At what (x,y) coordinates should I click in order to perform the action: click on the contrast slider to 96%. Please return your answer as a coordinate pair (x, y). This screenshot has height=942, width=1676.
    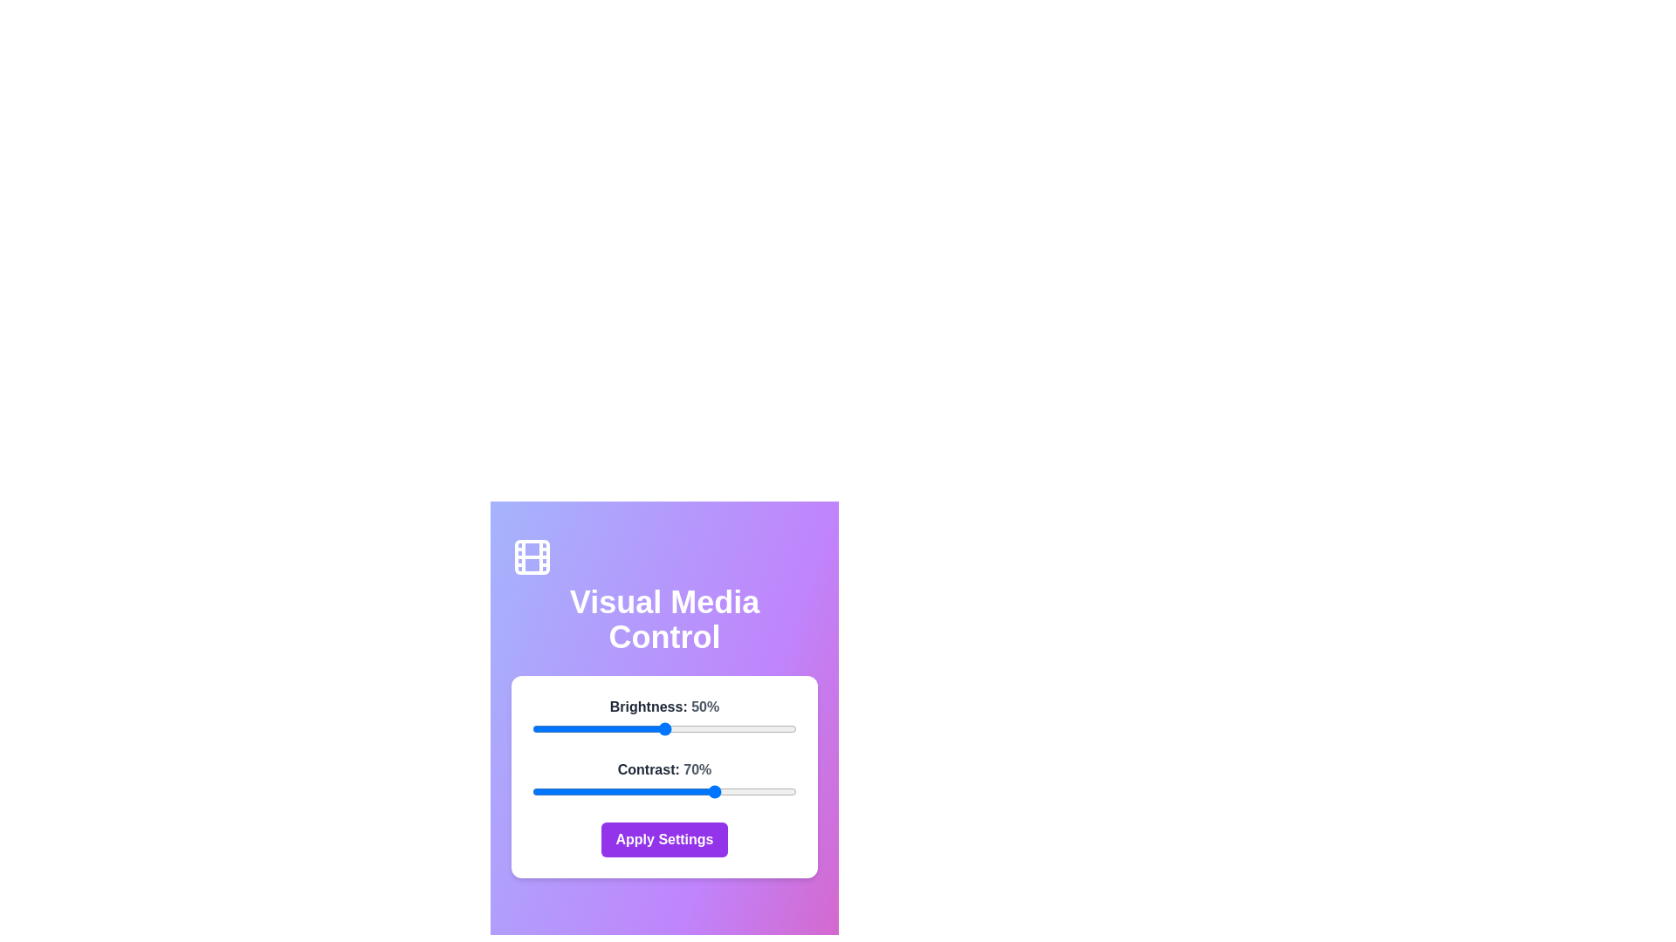
    Looking at the image, I should click on (785, 791).